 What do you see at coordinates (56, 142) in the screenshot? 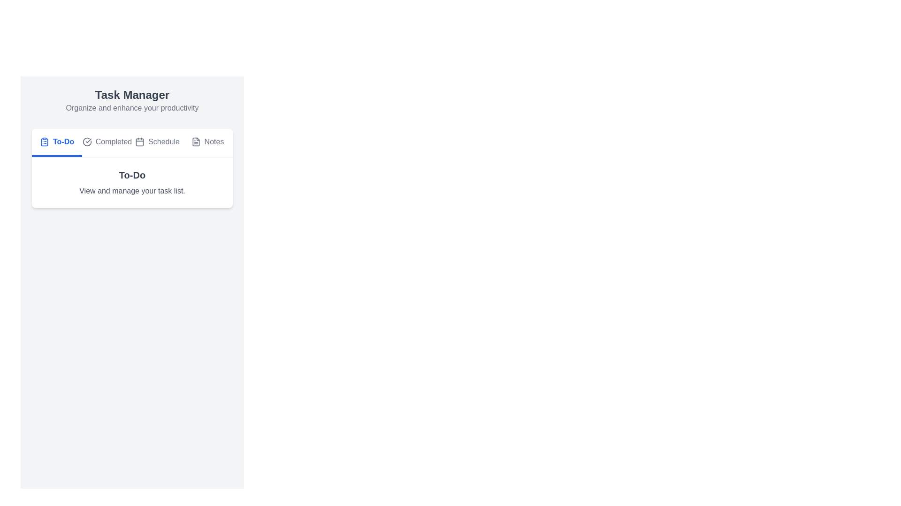
I see `the To-Do tab` at bounding box center [56, 142].